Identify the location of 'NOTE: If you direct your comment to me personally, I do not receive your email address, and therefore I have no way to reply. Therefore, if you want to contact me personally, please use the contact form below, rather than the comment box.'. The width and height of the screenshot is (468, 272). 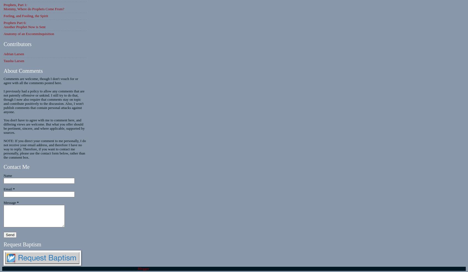
(44, 149).